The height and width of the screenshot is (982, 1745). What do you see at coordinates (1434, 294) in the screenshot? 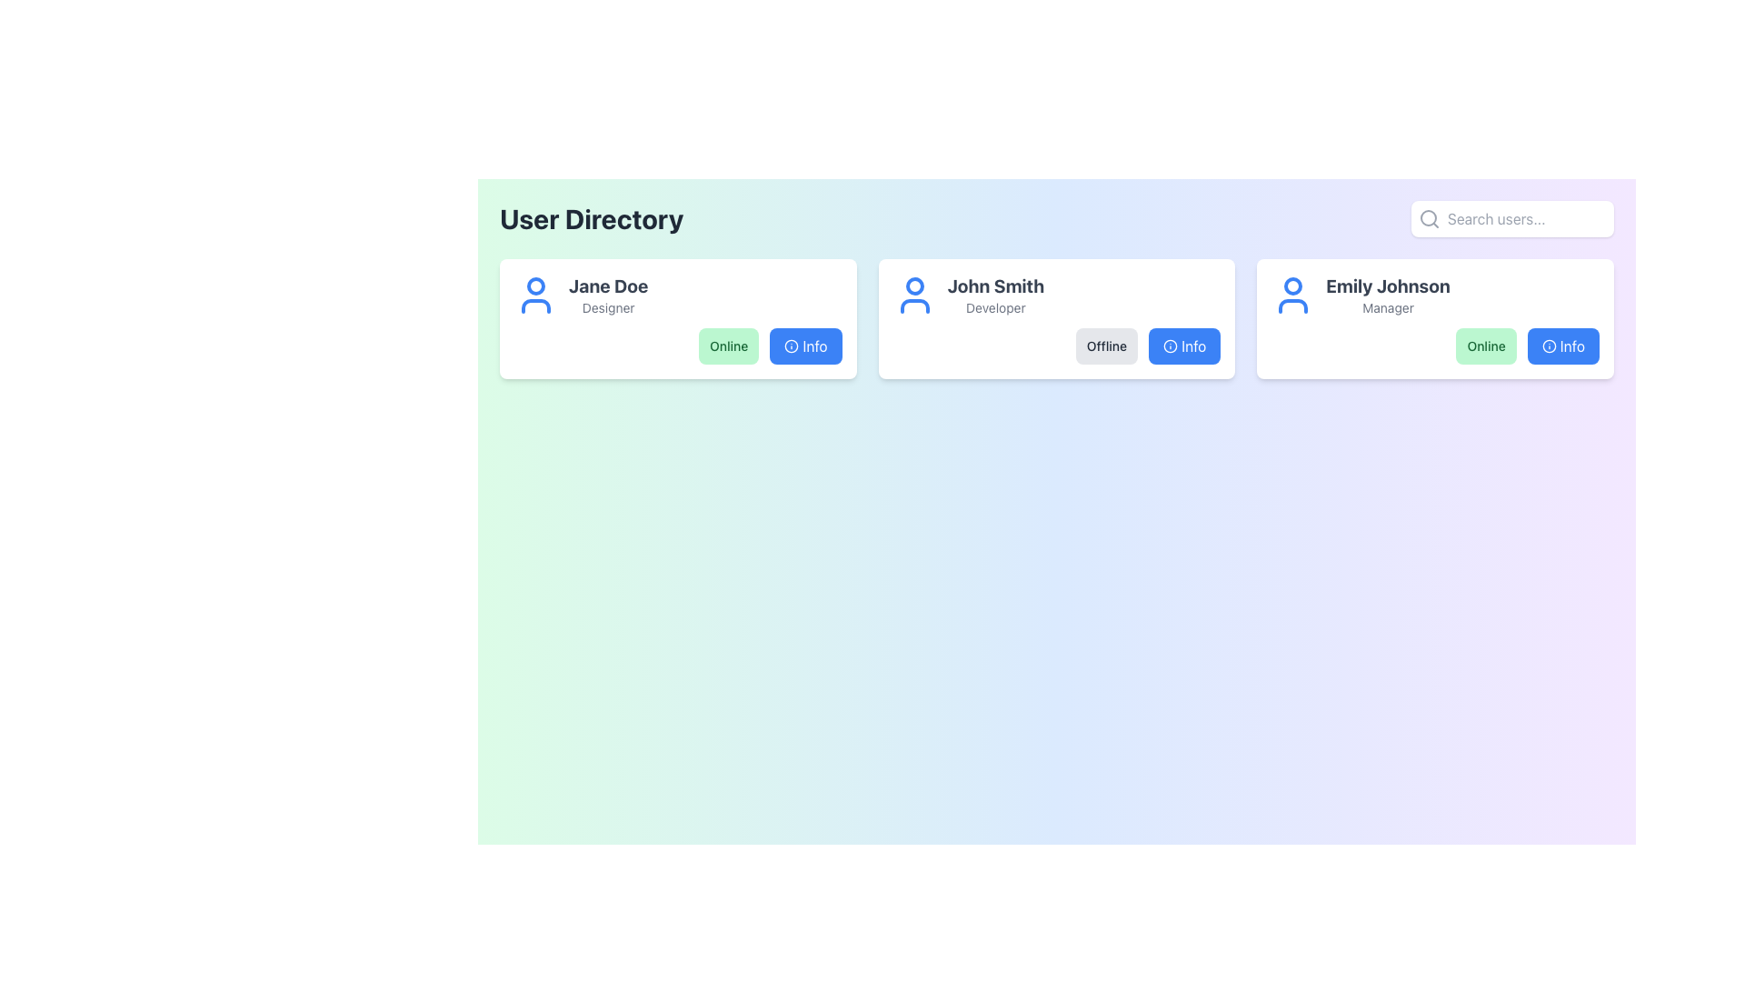
I see `the Text Display element that shows the user's name and role, located` at bounding box center [1434, 294].